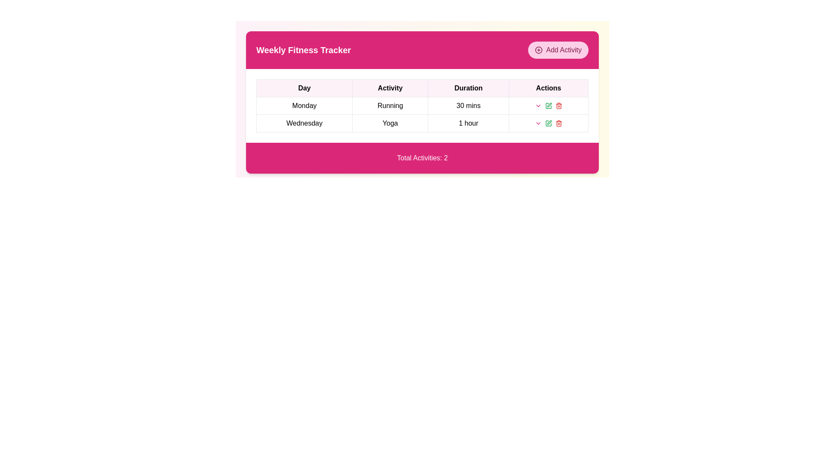 The width and height of the screenshot is (823, 463). What do you see at coordinates (468, 123) in the screenshot?
I see `the text label displaying '1 hour' in the Duration column of the Yoga activity row for Wednesday, which is styled within a bordered cell in a table format` at bounding box center [468, 123].